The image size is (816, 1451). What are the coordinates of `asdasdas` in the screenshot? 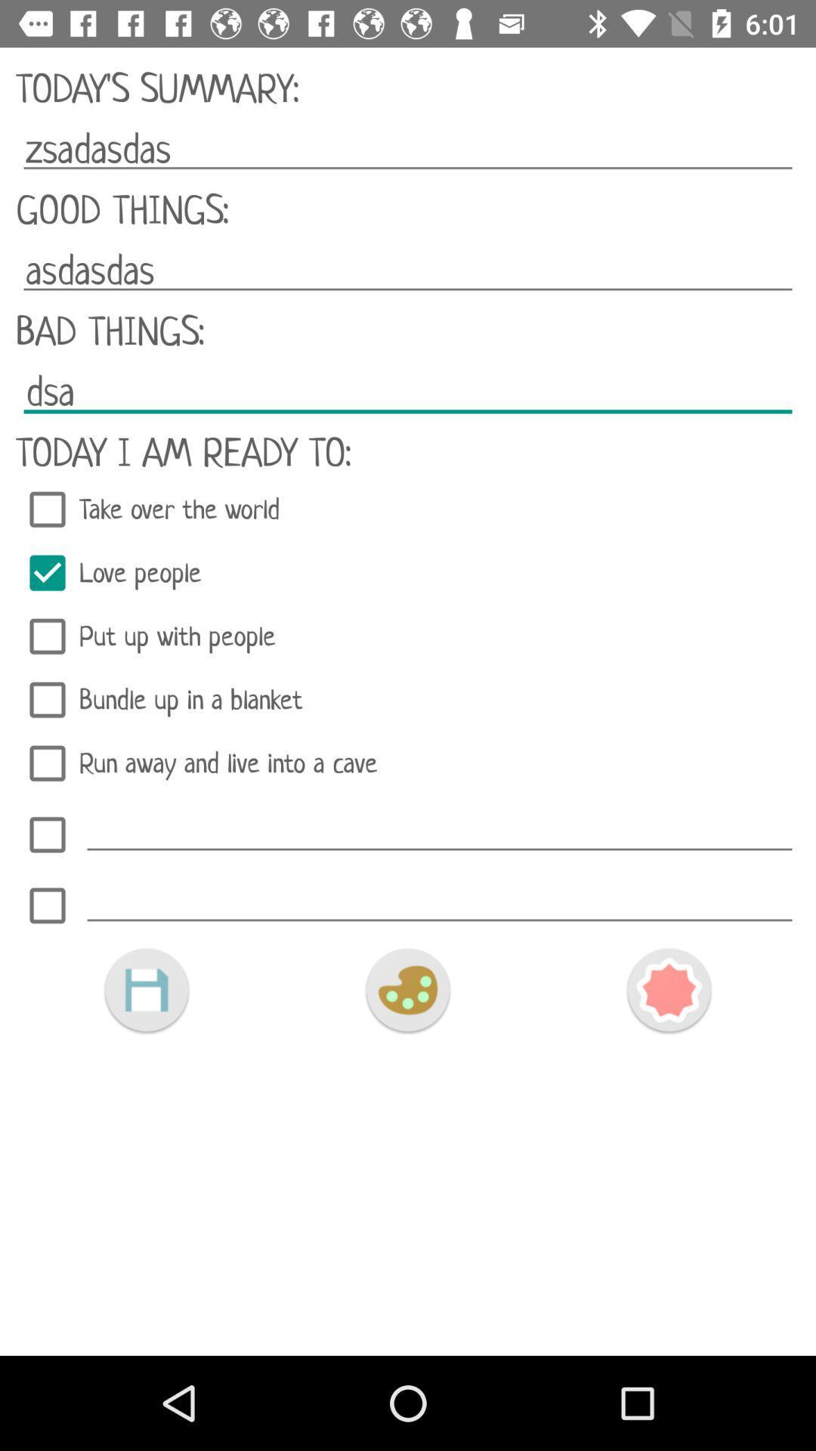 It's located at (408, 271).